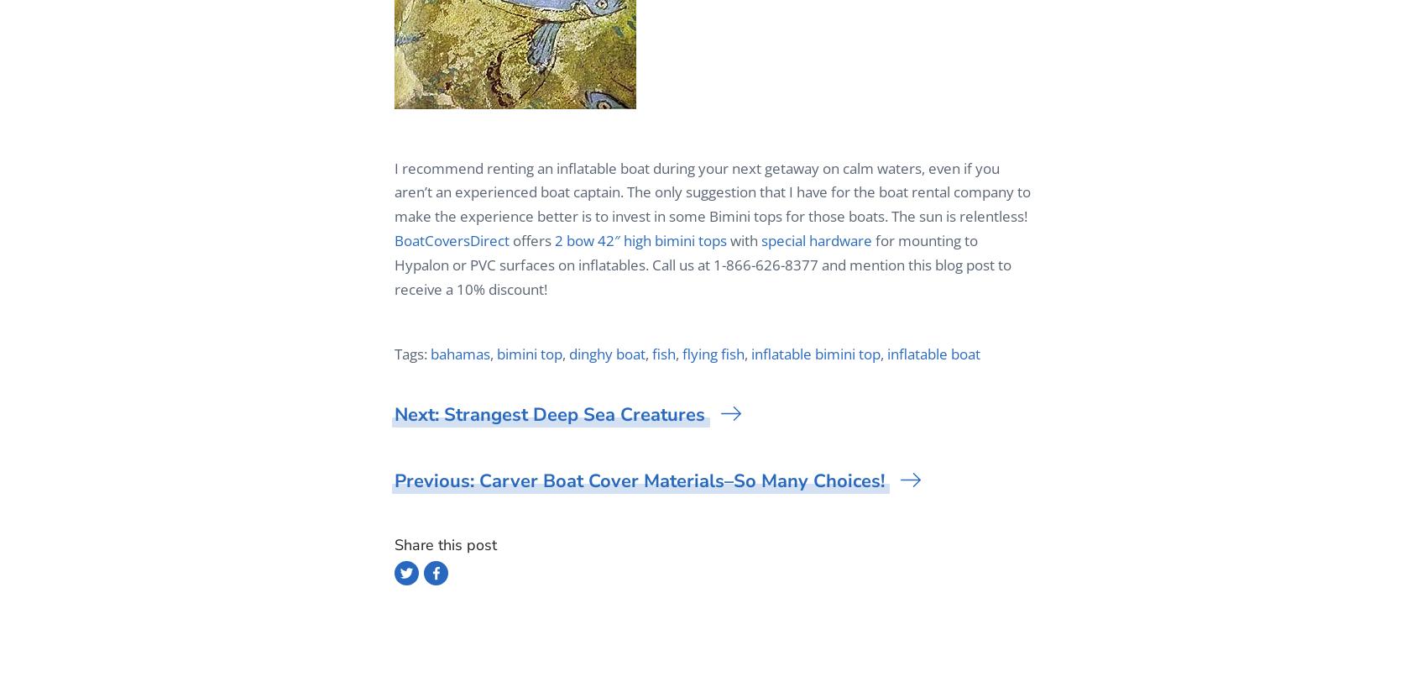 Image resolution: width=1427 pixels, height=682 pixels. What do you see at coordinates (607, 353) in the screenshot?
I see `'dinghy boat'` at bounding box center [607, 353].